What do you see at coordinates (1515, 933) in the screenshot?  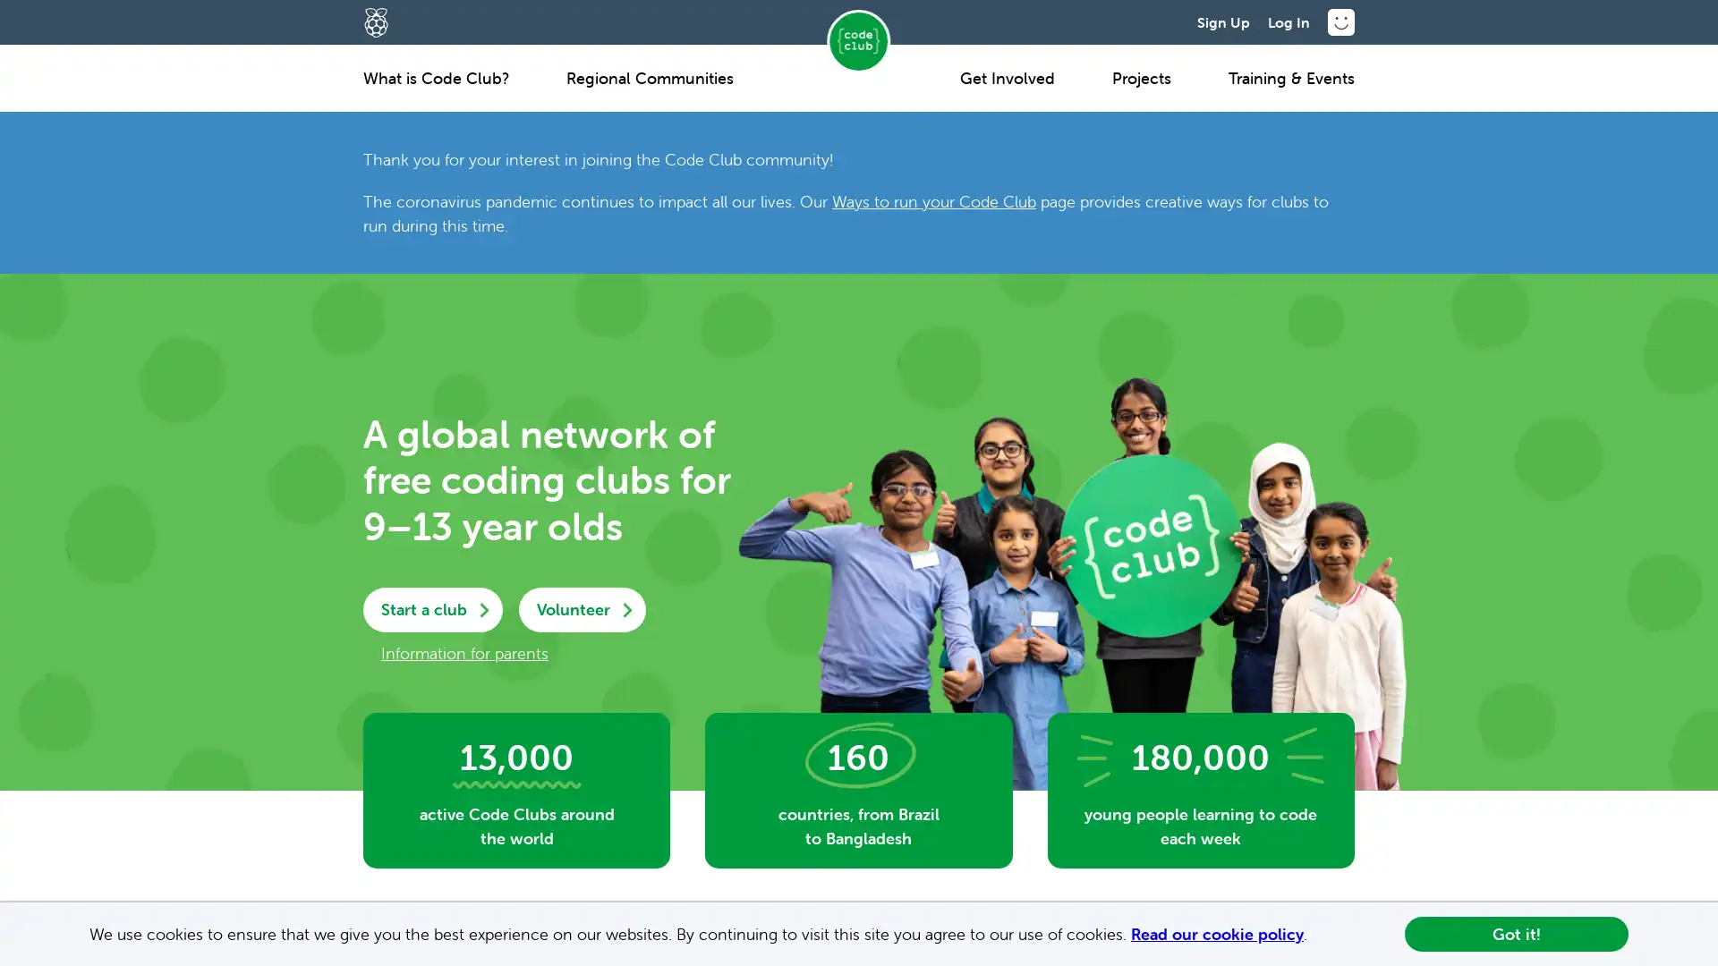 I see `dismiss cookie message` at bounding box center [1515, 933].